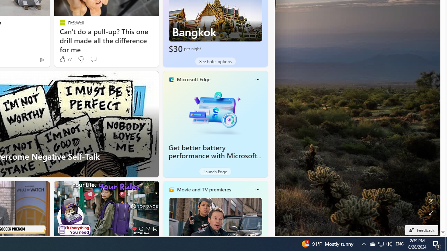 The height and width of the screenshot is (251, 447). What do you see at coordinates (257, 189) in the screenshot?
I see `'Class: icon-img'` at bounding box center [257, 189].